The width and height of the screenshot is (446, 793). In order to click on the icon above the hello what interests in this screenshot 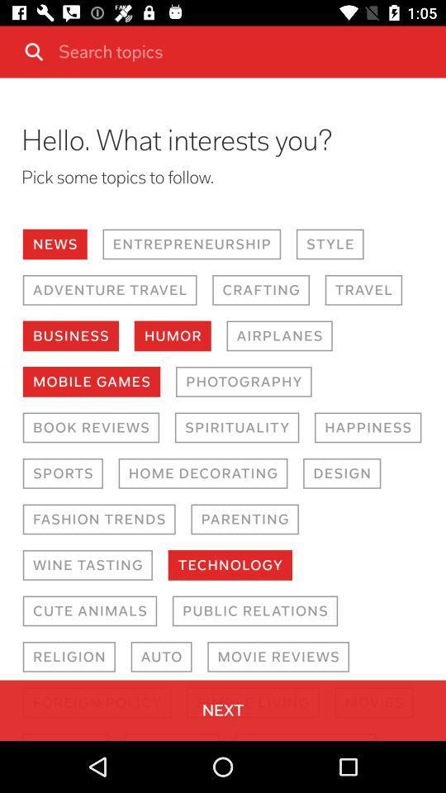, I will do `click(245, 51)`.